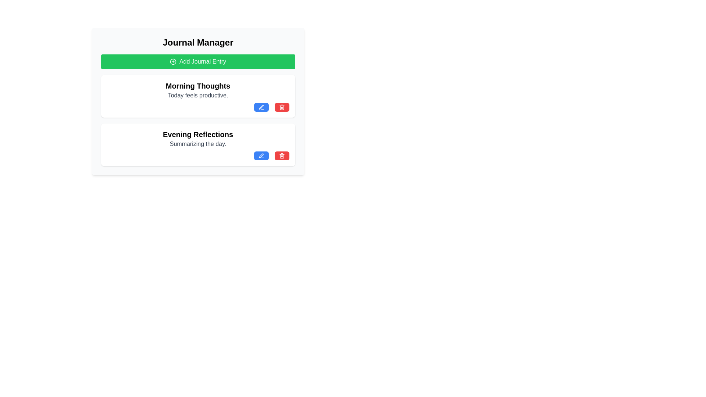 This screenshot has height=397, width=706. What do you see at coordinates (261, 107) in the screenshot?
I see `the blue edit button located to the right of the 'Morning Thoughts' text for visual feedback` at bounding box center [261, 107].